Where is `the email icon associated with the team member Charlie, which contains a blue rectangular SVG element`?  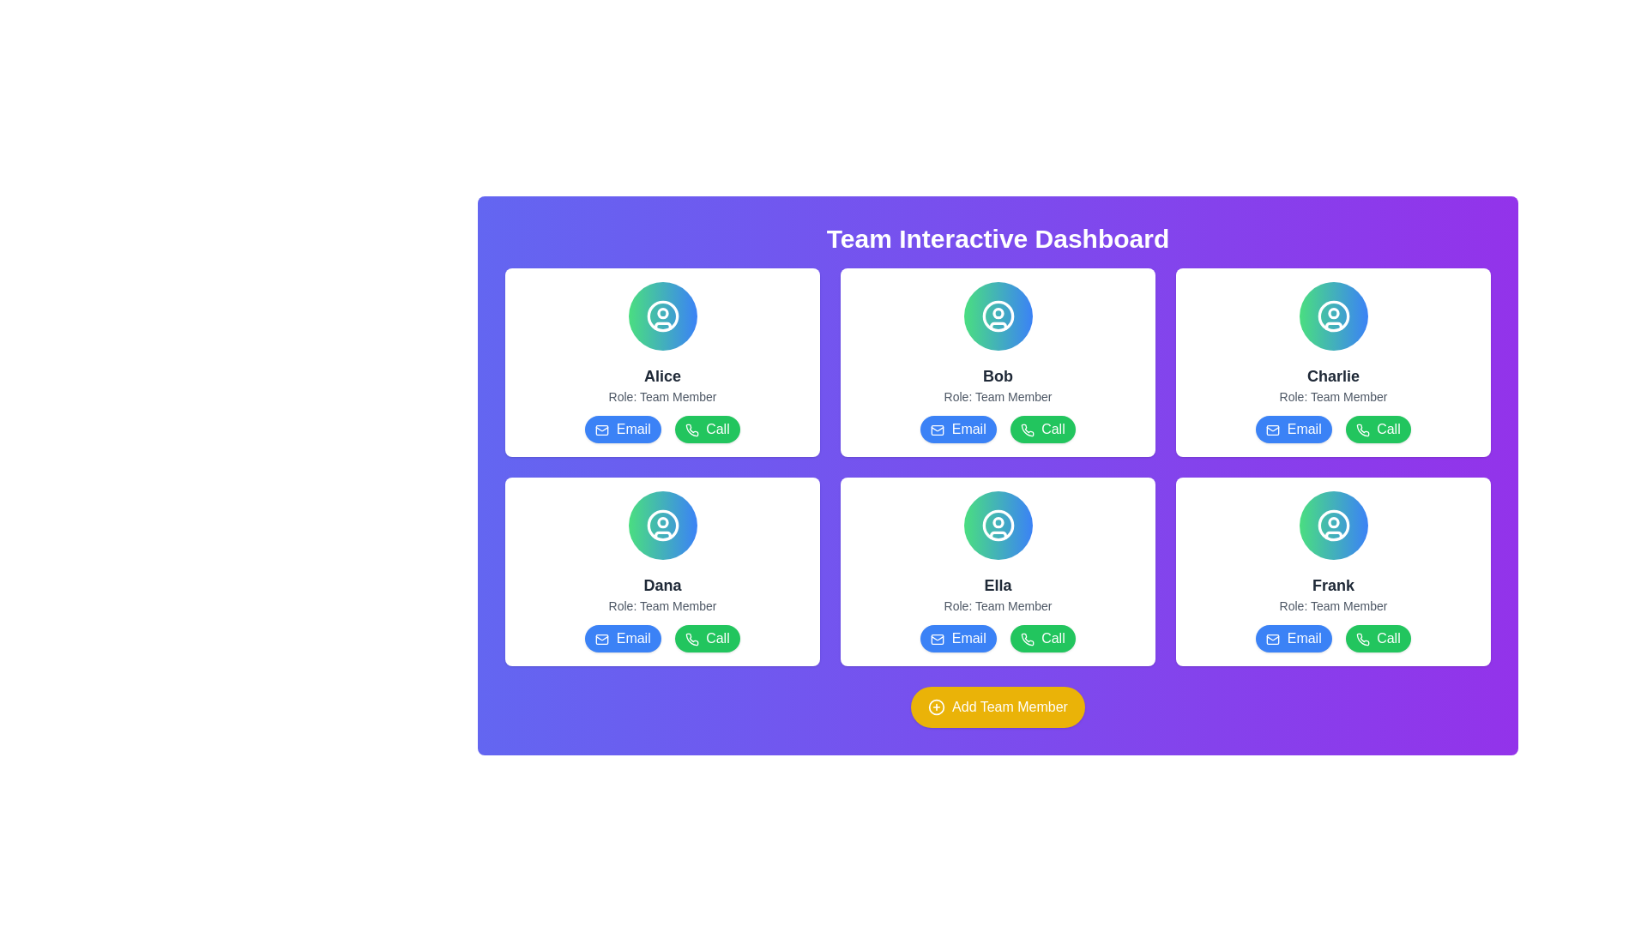
the email icon associated with the team member Charlie, which contains a blue rectangular SVG element is located at coordinates (1273, 429).